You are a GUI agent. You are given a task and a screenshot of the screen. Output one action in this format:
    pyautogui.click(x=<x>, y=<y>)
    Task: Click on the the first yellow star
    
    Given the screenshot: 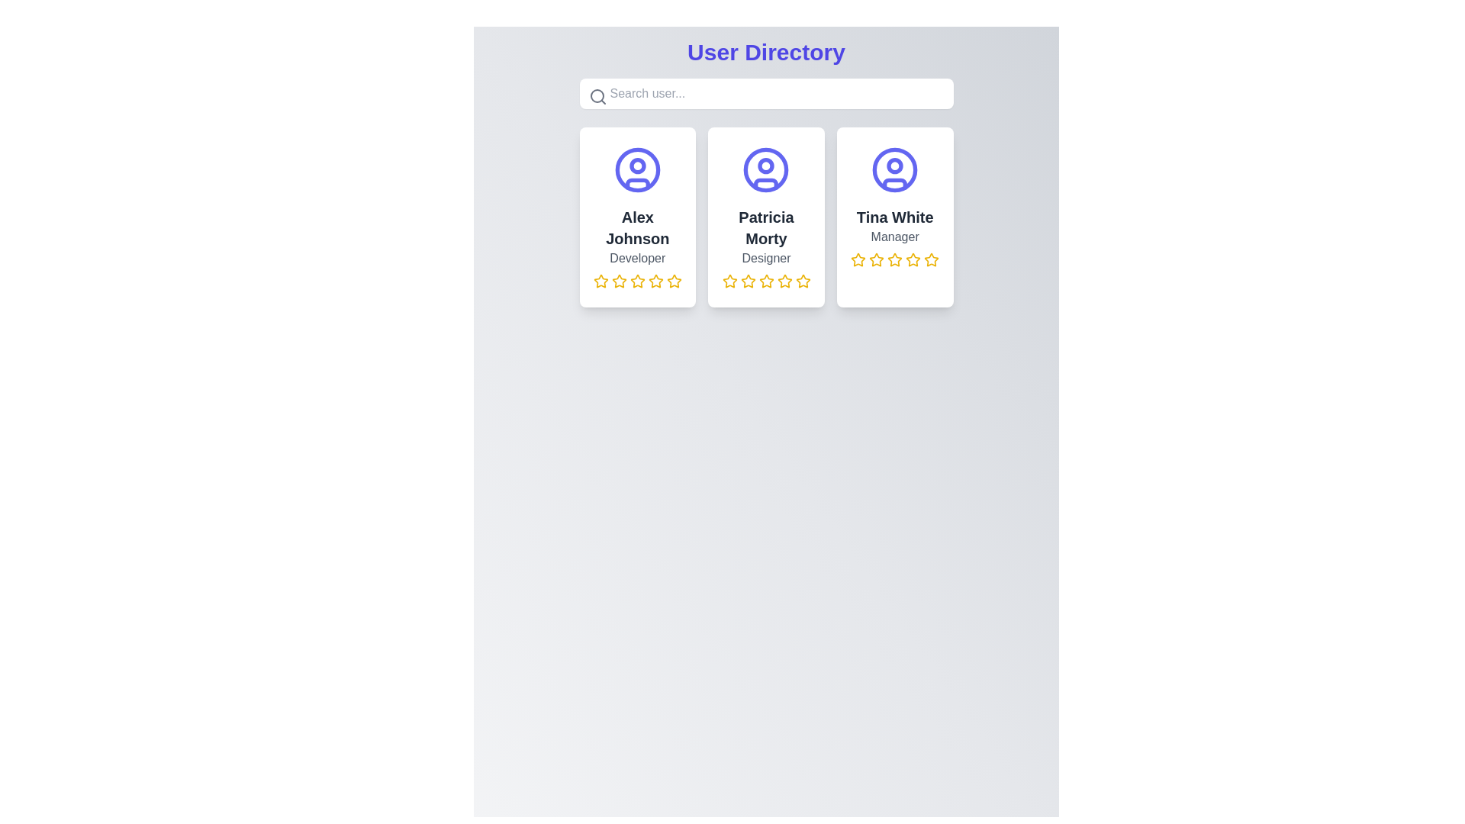 What is the action you would take?
    pyautogui.click(x=858, y=259)
    